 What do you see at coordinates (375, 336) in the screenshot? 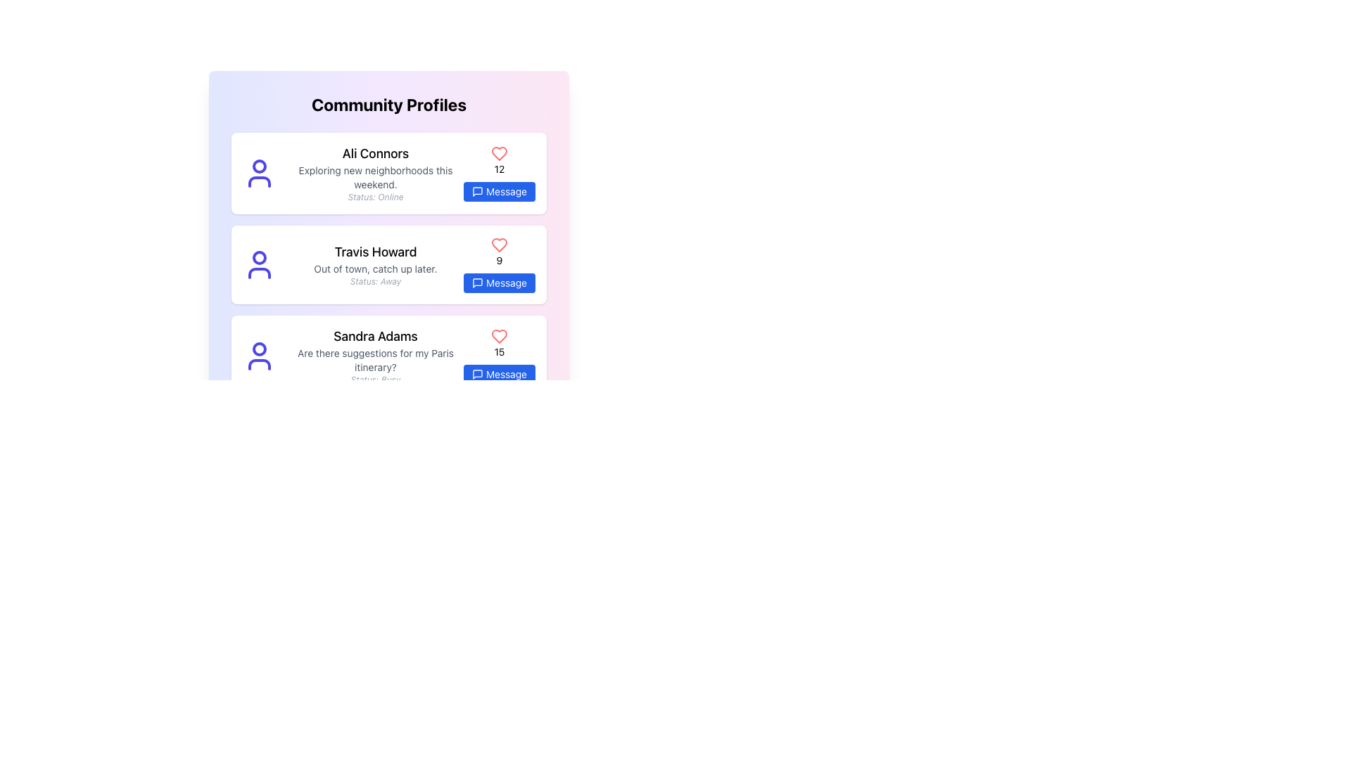
I see `the text label 'Sandra Adams' in the 'Community Profiles' section, third entry` at bounding box center [375, 336].